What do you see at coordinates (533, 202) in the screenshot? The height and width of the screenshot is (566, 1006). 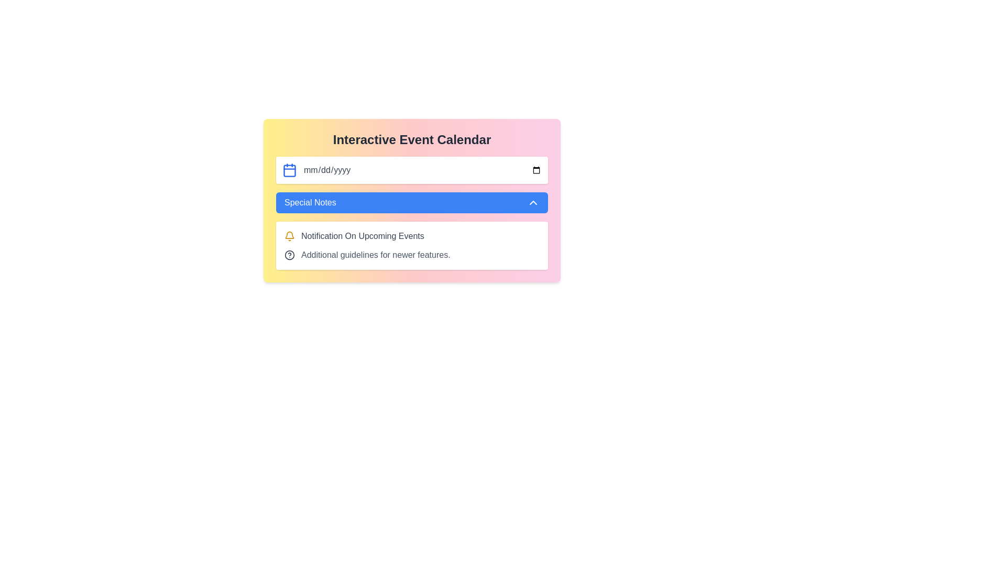 I see `the upward-facing chevron icon located within the 'Special Notes' button, which is styled as a minimalistic SVG graphic and positioned to the right end of the button` at bounding box center [533, 202].